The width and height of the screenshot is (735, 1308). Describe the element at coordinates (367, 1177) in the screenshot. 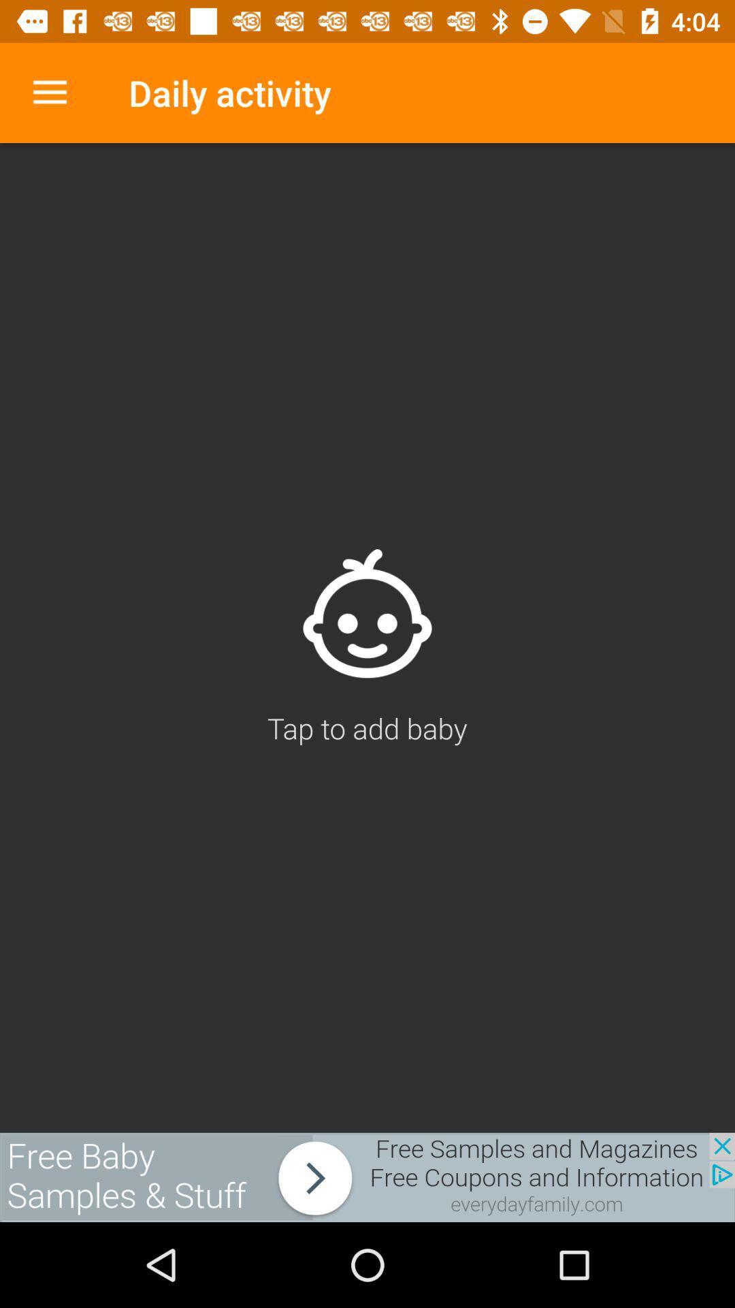

I see `click on advertisement for free baby samples` at that location.